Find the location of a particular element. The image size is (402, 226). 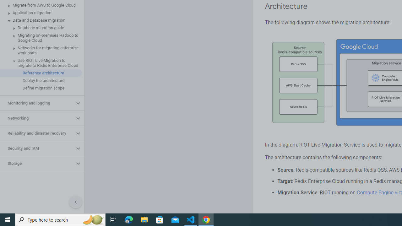

'Reference architecture' is located at coordinates (41, 73).